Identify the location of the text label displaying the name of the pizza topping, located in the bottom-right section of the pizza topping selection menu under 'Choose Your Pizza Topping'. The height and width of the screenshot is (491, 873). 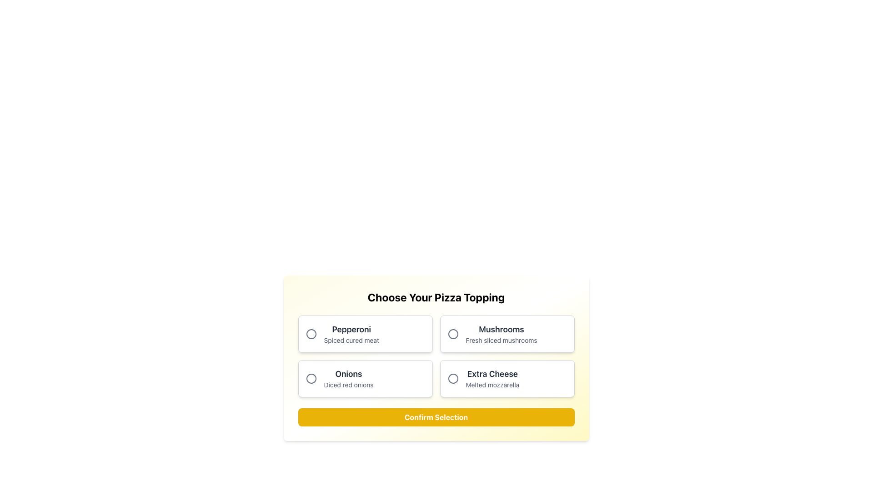
(492, 374).